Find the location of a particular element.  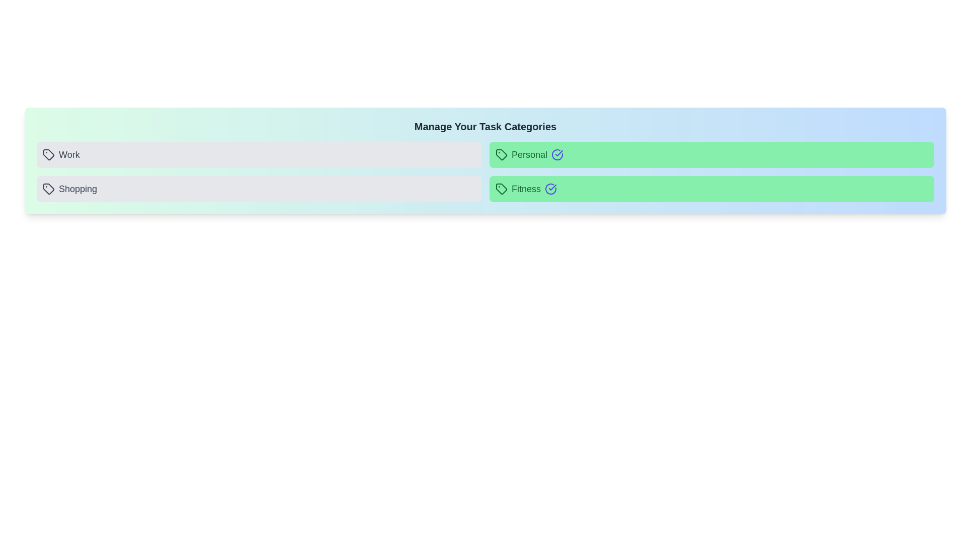

the category Fitness by clicking on it is located at coordinates (711, 189).